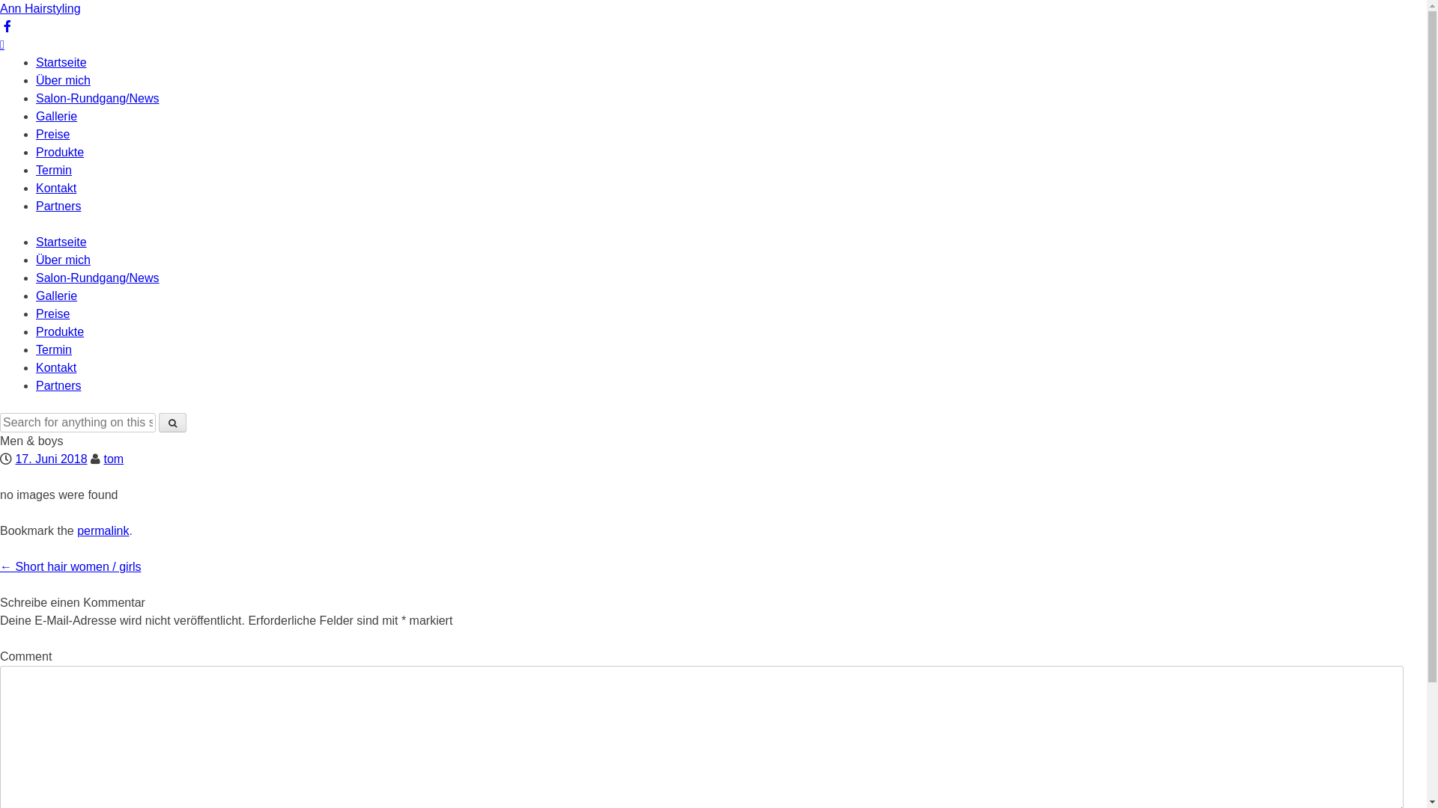 The image size is (1438, 808). What do you see at coordinates (36, 133) in the screenshot?
I see `'Preise'` at bounding box center [36, 133].